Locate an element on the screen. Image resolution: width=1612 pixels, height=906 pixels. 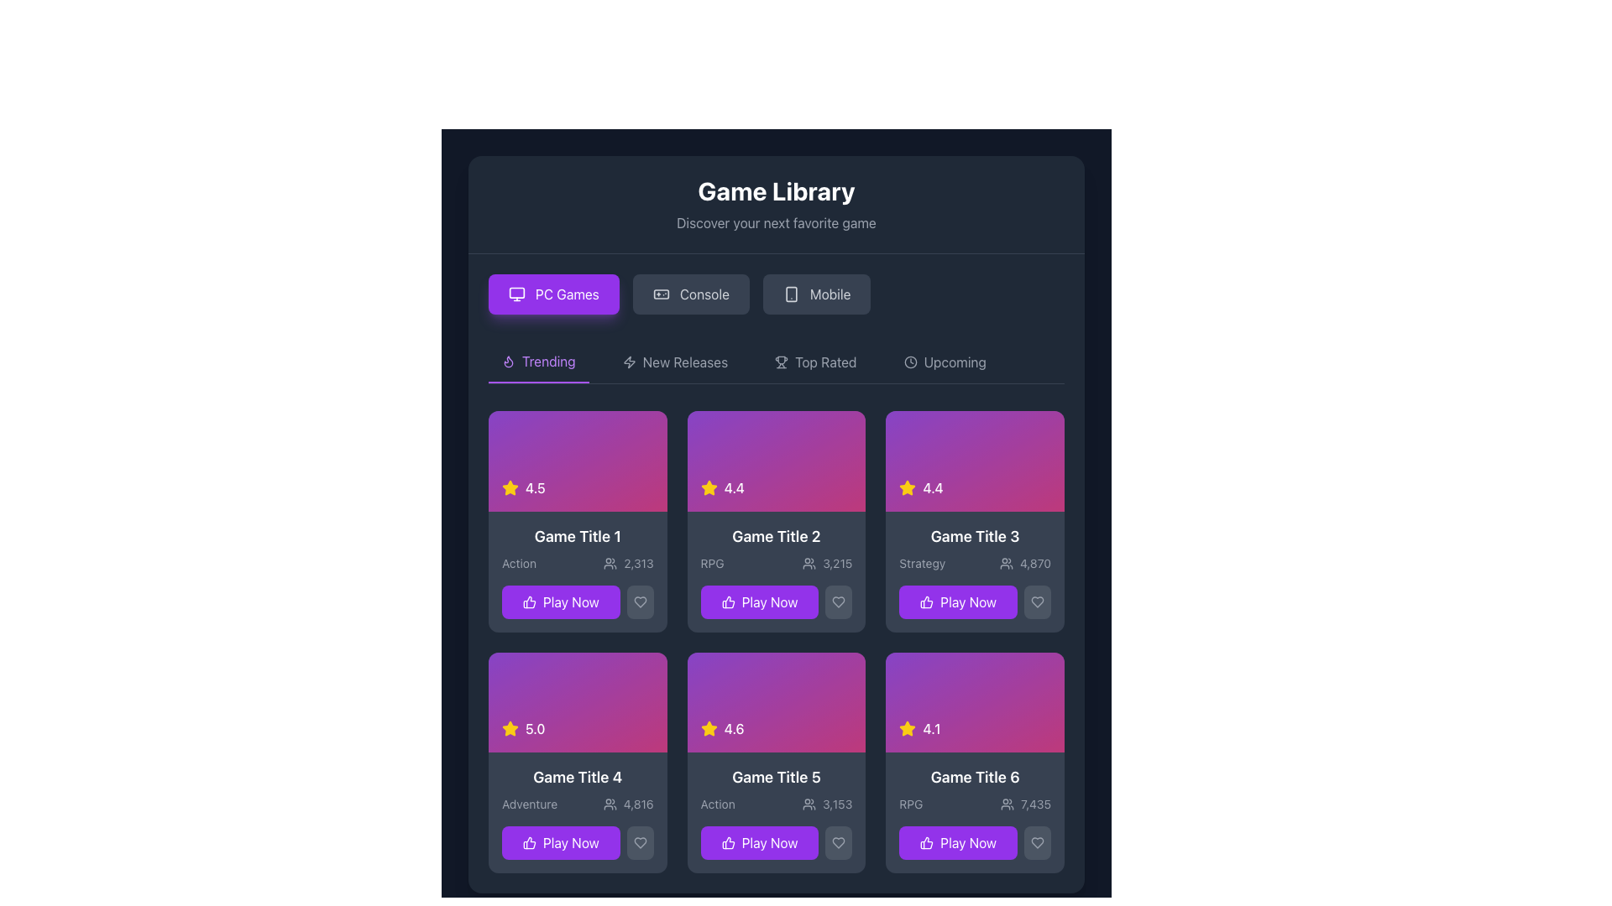
the 'Console' button, which is the second button in a horizontal layout with a dark gray background and bright text is located at coordinates (691, 294).